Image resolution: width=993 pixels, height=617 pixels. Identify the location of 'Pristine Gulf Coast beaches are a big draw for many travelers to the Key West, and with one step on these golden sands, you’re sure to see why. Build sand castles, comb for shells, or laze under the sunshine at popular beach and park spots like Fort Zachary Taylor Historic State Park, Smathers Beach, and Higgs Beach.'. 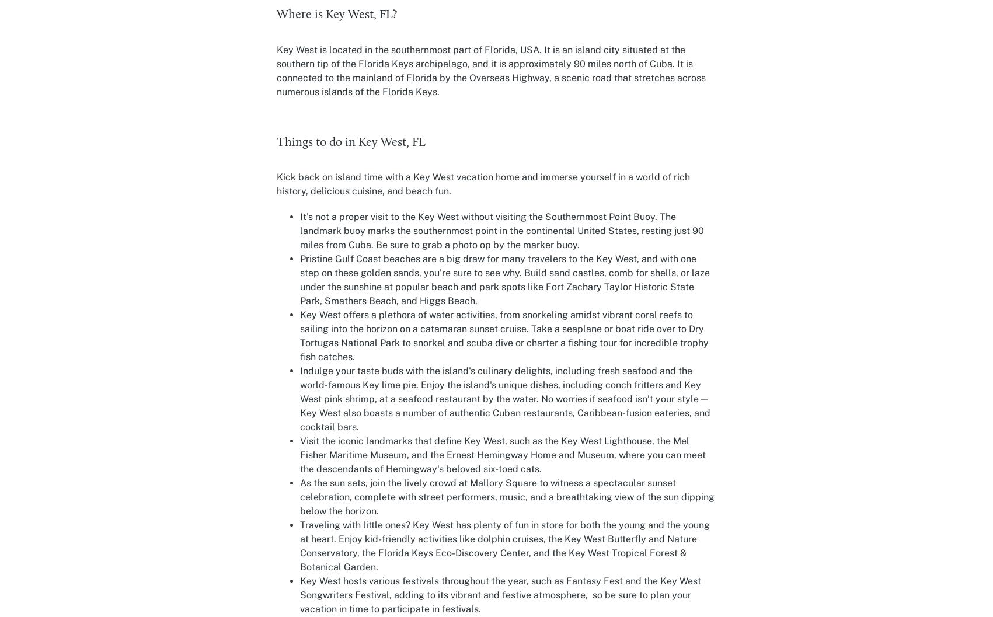
(299, 280).